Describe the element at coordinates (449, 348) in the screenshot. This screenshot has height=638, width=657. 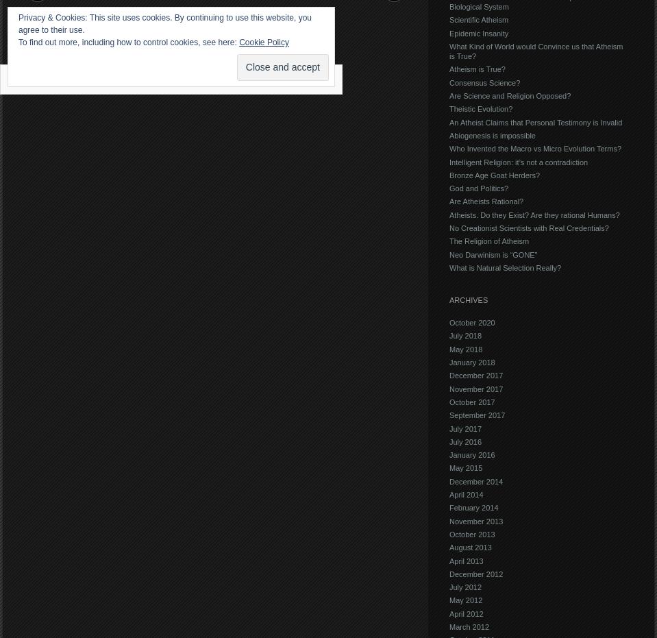
I see `'May 2018'` at that location.